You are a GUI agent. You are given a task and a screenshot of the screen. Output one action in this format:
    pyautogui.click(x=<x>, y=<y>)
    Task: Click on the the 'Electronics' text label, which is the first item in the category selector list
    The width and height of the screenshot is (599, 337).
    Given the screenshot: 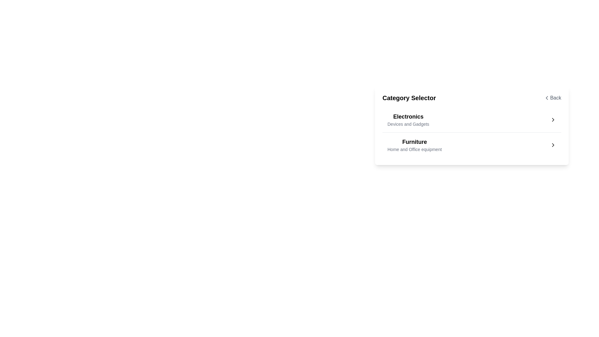 What is the action you would take?
    pyautogui.click(x=408, y=120)
    